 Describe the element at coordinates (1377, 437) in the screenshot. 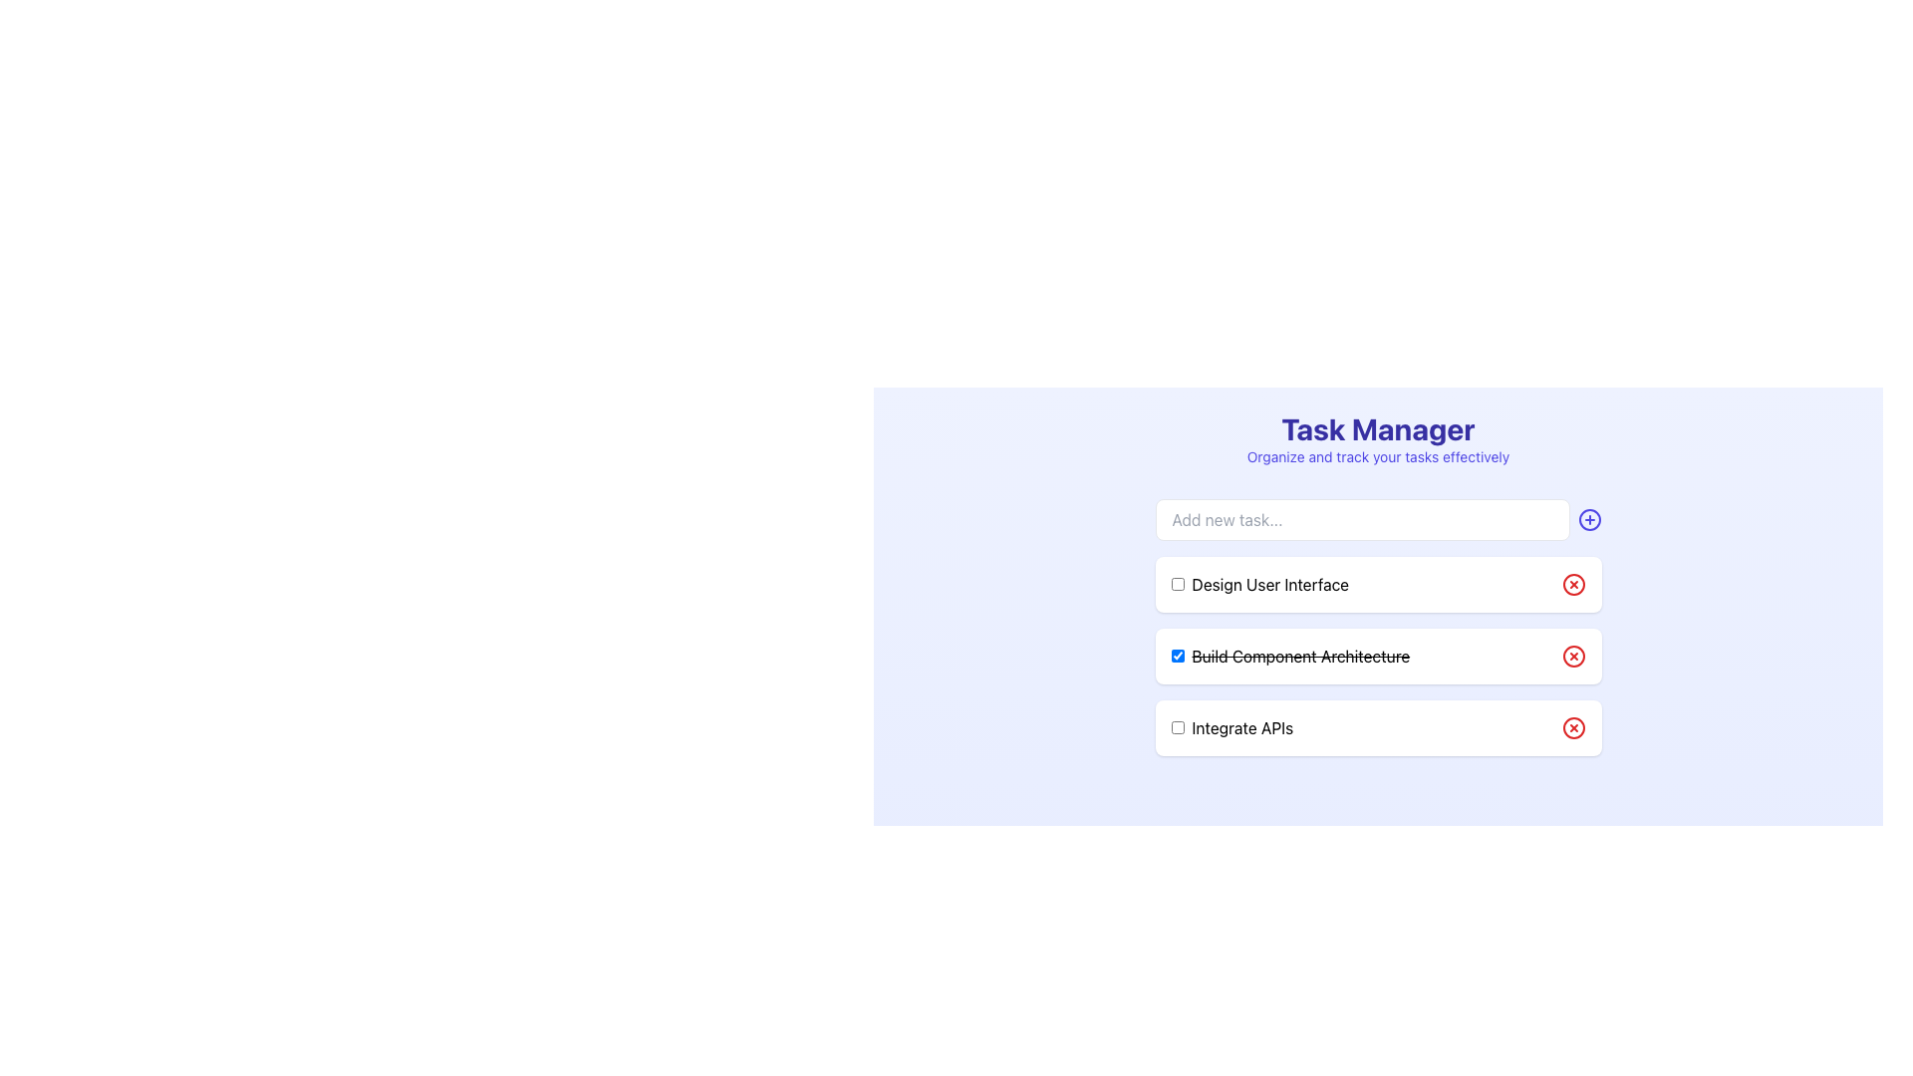

I see `the static text-based heading element titled 'Task Manager' which is displayed in bold indigo color, followed by a subtitle in lighter indigo, located at the top of the task manager interface section` at that location.